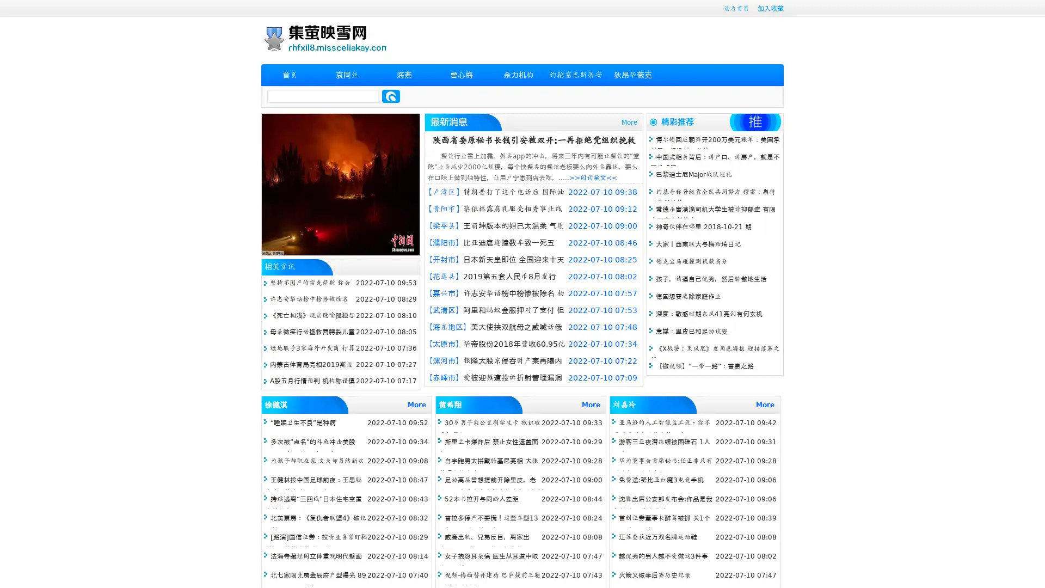  Describe the element at coordinates (391, 96) in the screenshot. I see `Search` at that location.